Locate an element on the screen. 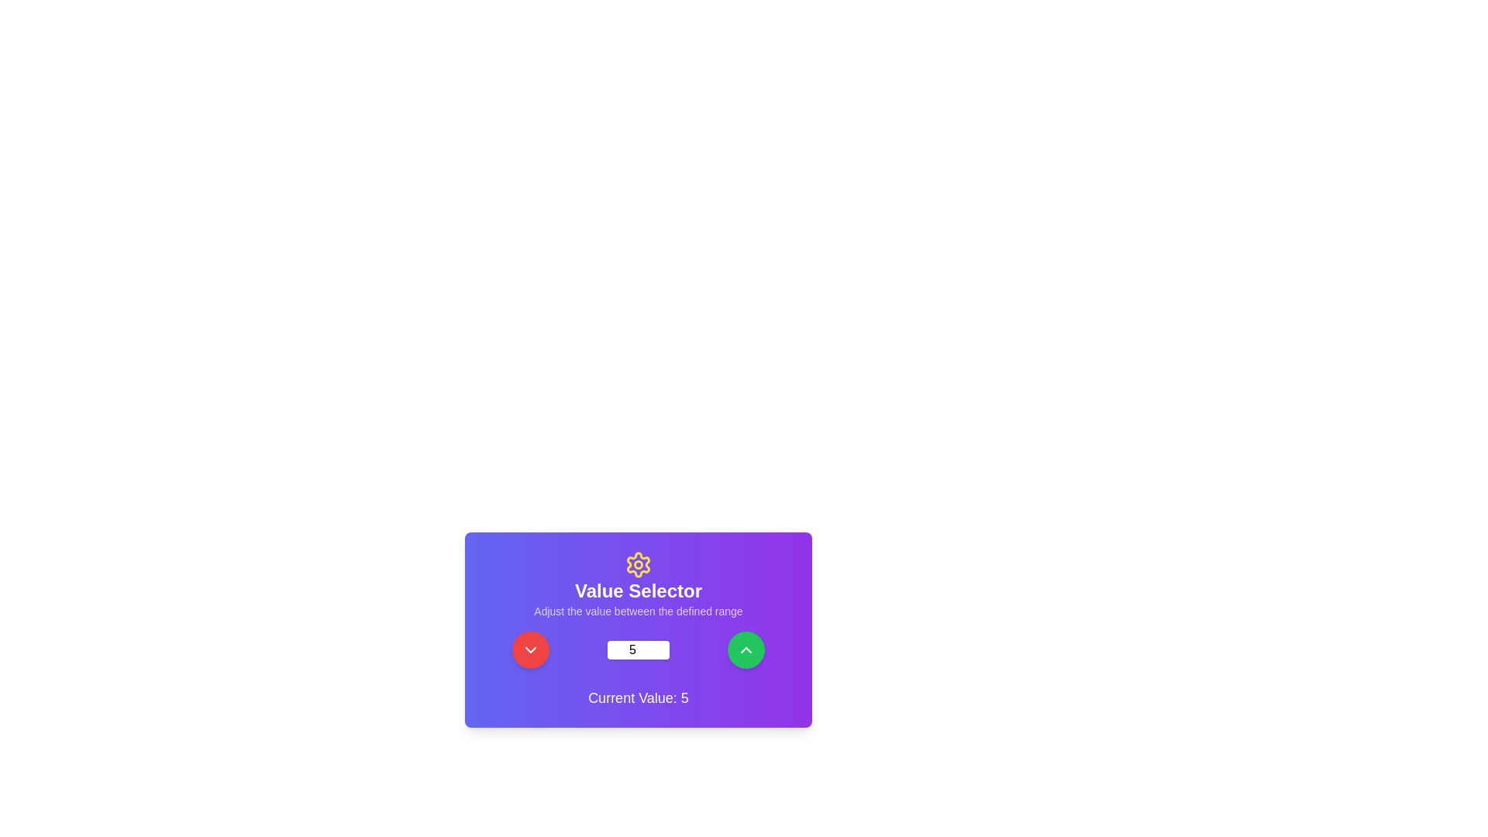 This screenshot has width=1488, height=837. the small circular graphic element located in the center of the gear-like icon at the top center of the card-like interface is located at coordinates (639, 565).